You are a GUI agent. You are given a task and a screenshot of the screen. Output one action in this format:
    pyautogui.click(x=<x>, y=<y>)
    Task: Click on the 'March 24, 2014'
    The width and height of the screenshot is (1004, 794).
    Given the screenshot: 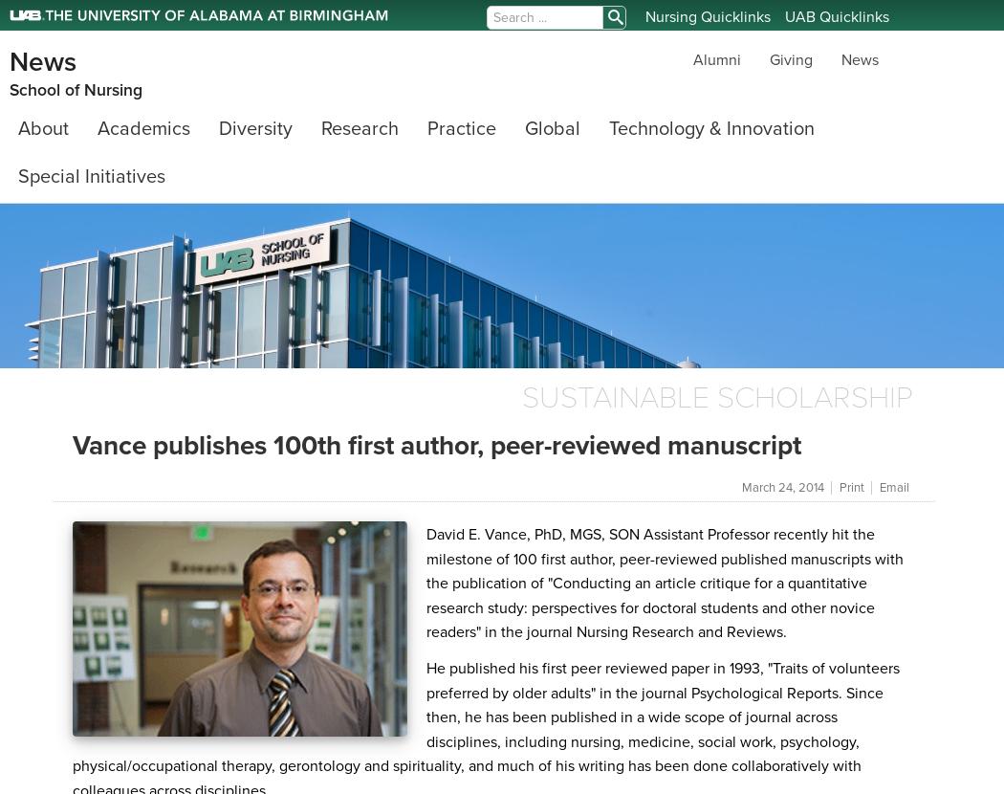 What is the action you would take?
    pyautogui.click(x=783, y=488)
    